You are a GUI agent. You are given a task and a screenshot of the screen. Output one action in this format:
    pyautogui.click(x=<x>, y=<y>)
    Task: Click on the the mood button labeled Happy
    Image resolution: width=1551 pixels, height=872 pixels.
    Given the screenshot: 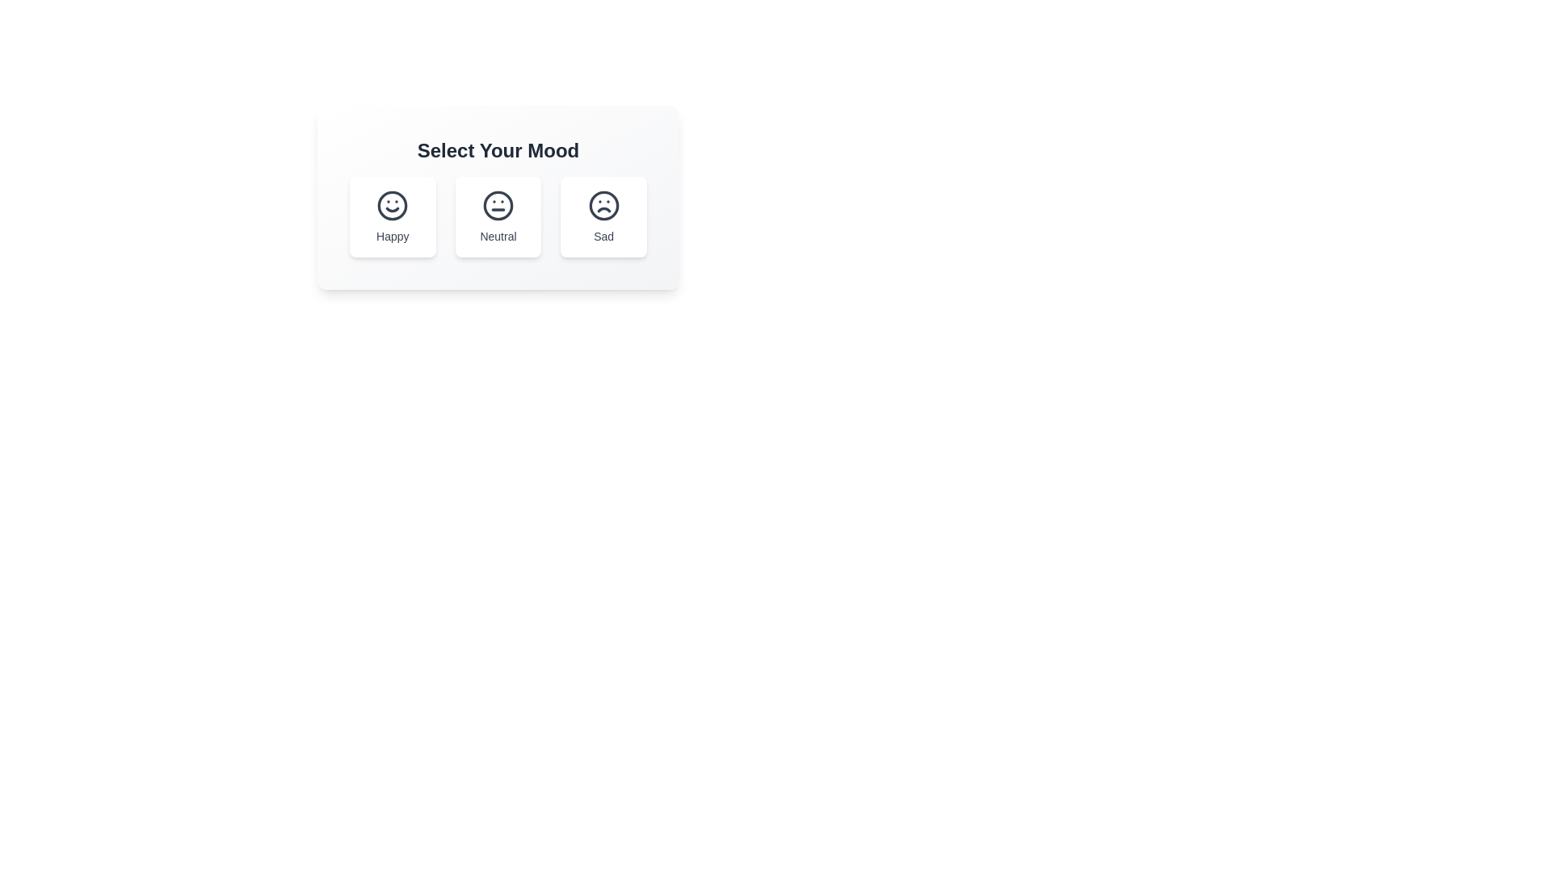 What is the action you would take?
    pyautogui.click(x=392, y=216)
    